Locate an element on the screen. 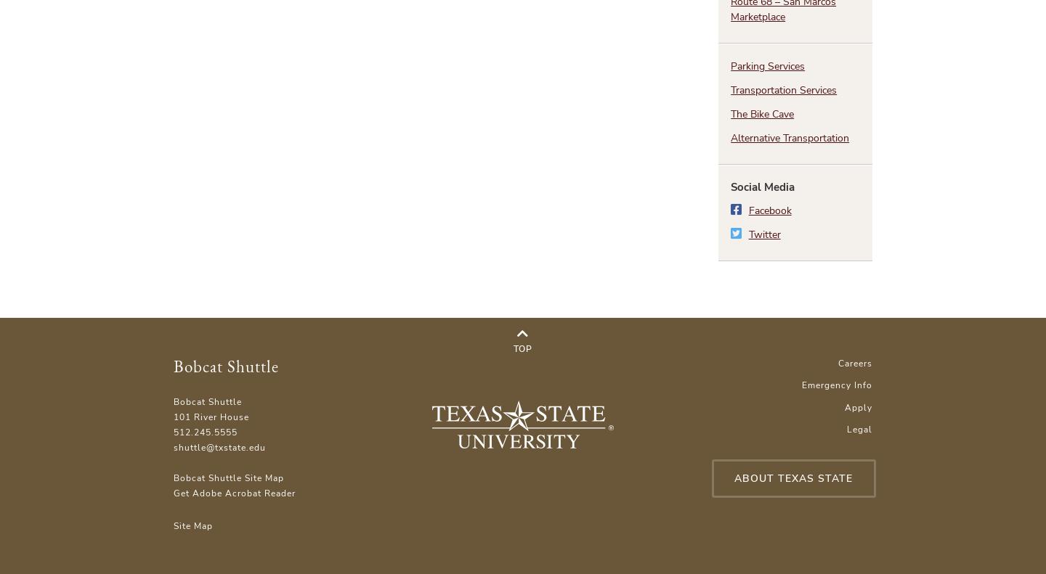 The height and width of the screenshot is (574, 1046). 'Site Map' is located at coordinates (192, 524).